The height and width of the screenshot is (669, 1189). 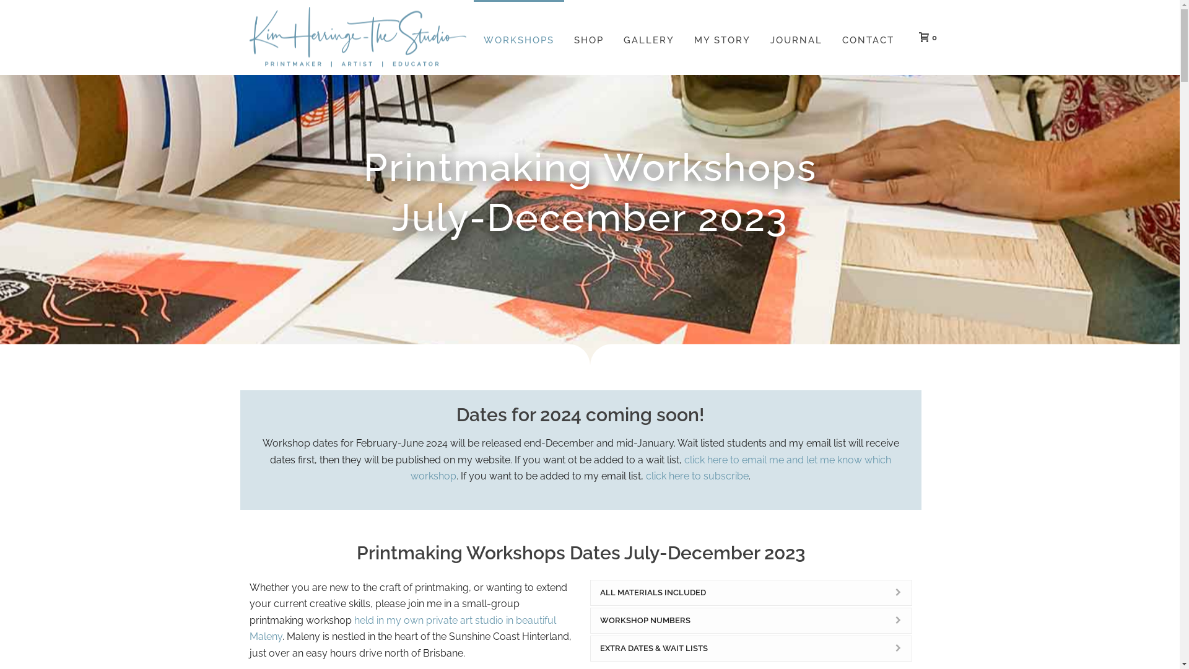 What do you see at coordinates (356, 37) in the screenshot?
I see `'Printmaker, Designer'` at bounding box center [356, 37].